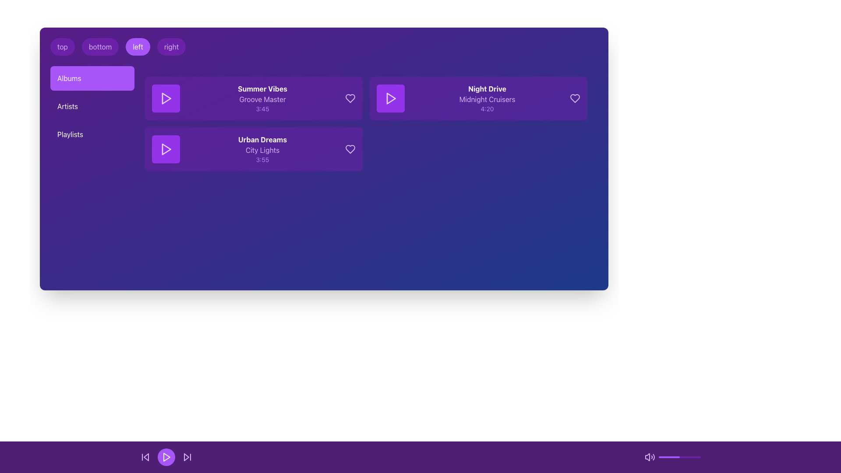  What do you see at coordinates (138, 47) in the screenshot?
I see `the button labeled 'left' which has a purple background and white text, located between the 'bottom' and 'right' buttons` at bounding box center [138, 47].